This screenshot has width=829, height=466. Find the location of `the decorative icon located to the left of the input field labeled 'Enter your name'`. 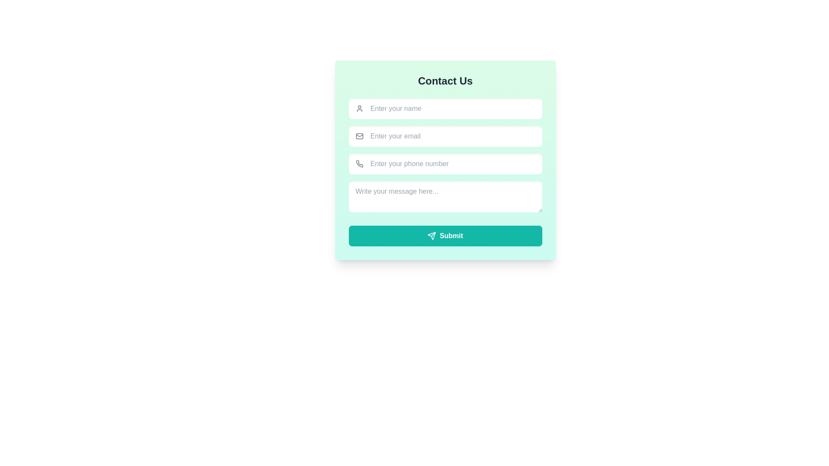

the decorative icon located to the left of the input field labeled 'Enter your name' is located at coordinates (359, 108).